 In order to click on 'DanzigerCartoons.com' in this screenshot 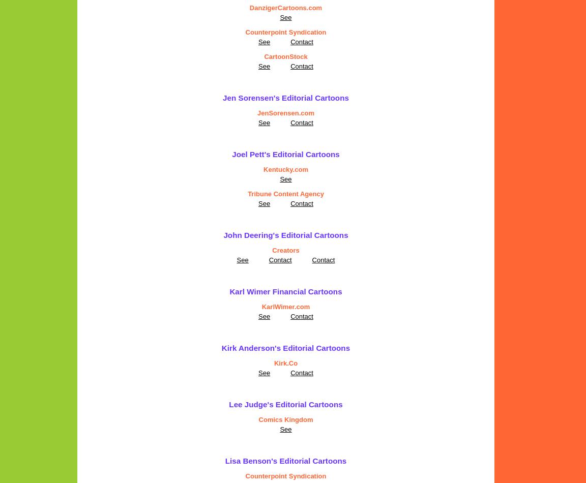, I will do `click(285, 8)`.